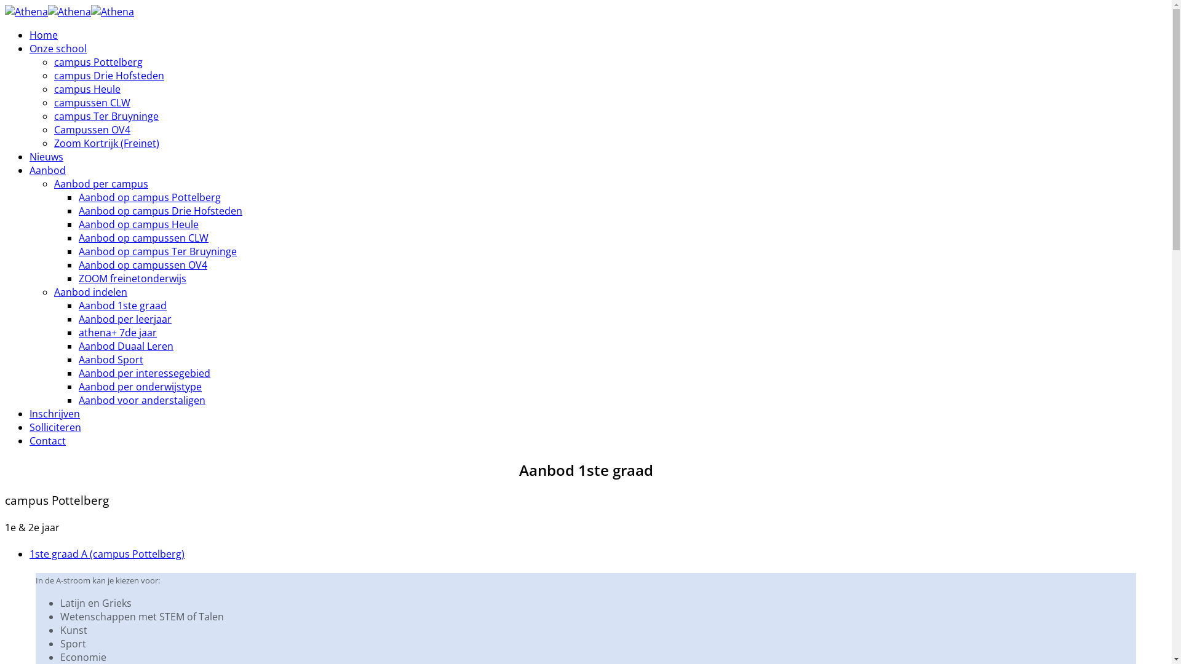 The height and width of the screenshot is (664, 1181). What do you see at coordinates (54, 413) in the screenshot?
I see `'Inschrijven'` at bounding box center [54, 413].